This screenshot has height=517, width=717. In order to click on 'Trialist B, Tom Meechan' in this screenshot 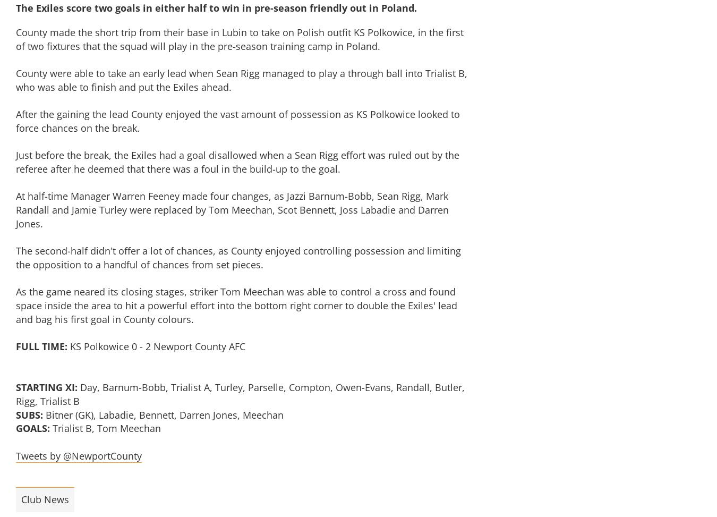, I will do `click(107, 428)`.